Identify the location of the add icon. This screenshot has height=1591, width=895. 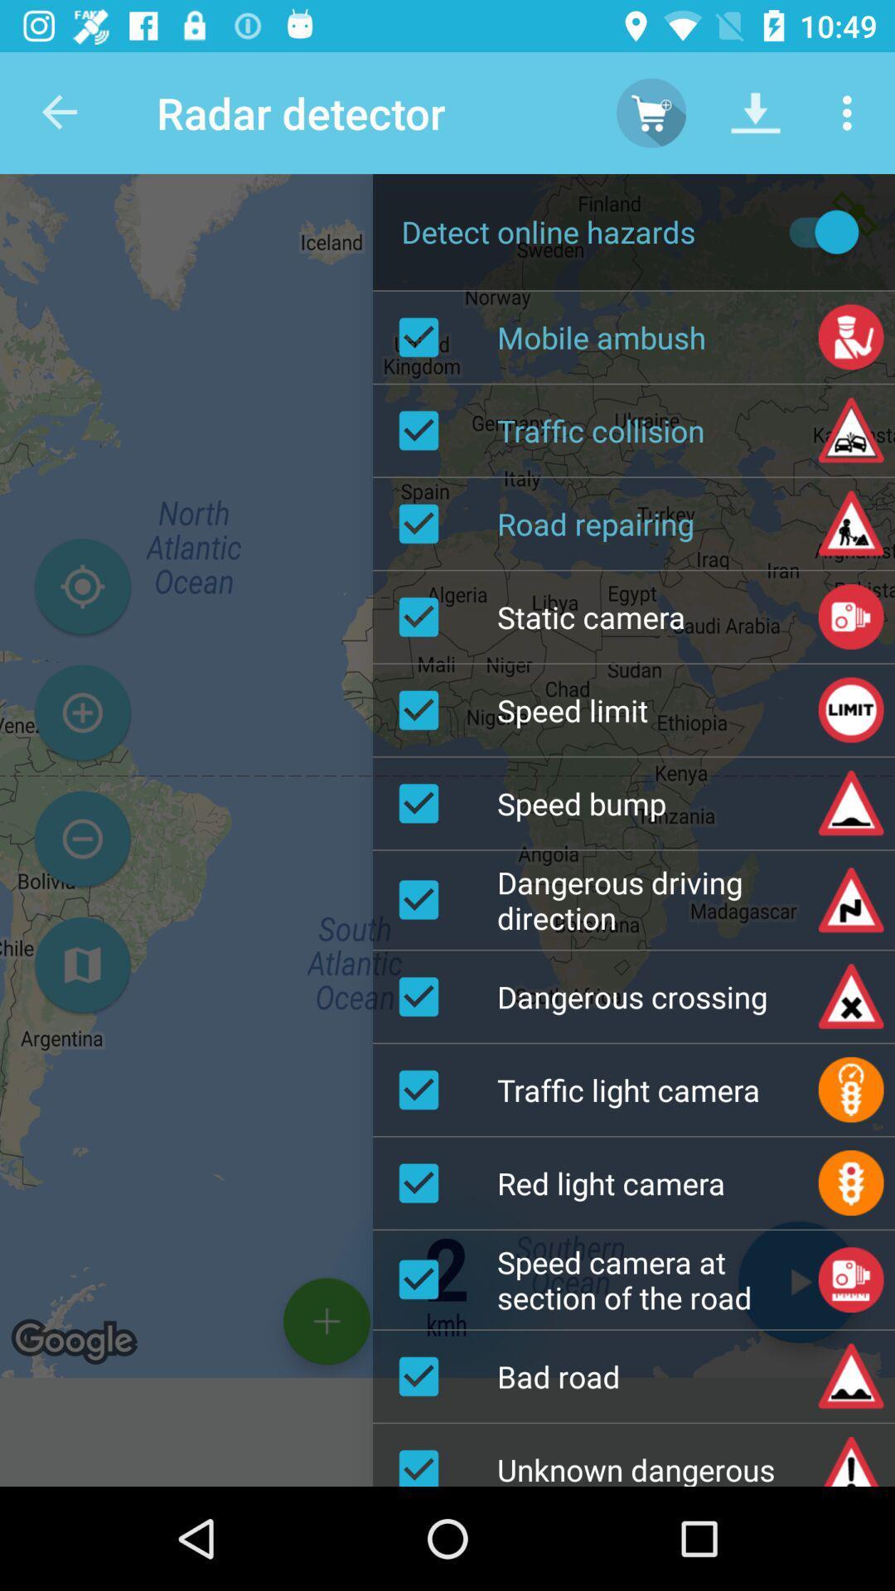
(327, 1320).